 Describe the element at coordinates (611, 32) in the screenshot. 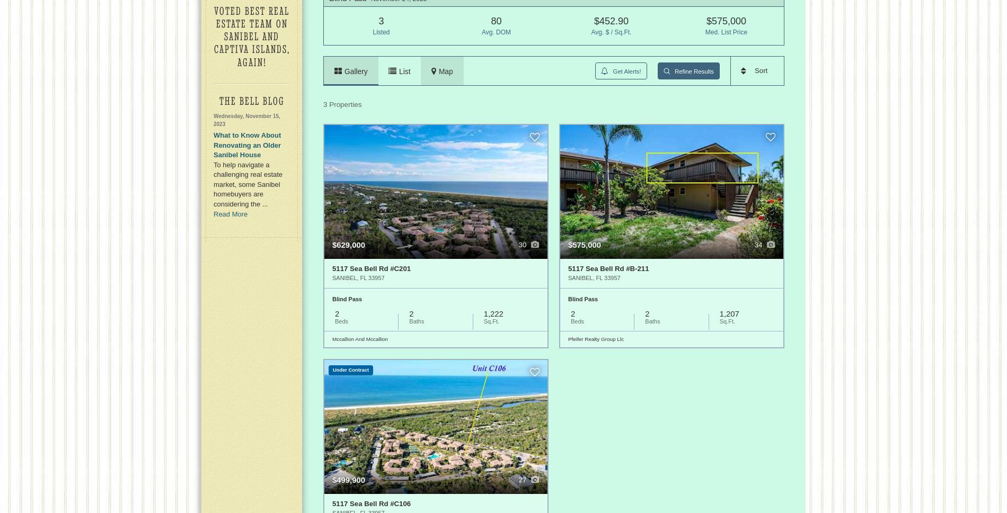

I see `'Avg. $ / Sq.Ft.'` at that location.